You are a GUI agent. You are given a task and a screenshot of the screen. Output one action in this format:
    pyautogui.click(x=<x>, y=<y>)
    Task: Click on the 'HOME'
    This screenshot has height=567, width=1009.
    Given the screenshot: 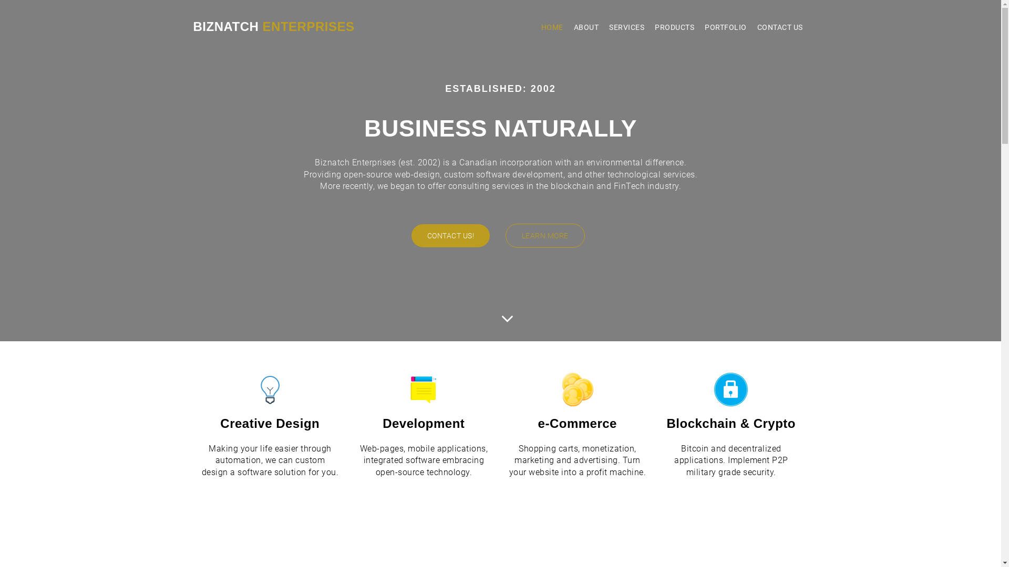 What is the action you would take?
    pyautogui.click(x=536, y=26)
    